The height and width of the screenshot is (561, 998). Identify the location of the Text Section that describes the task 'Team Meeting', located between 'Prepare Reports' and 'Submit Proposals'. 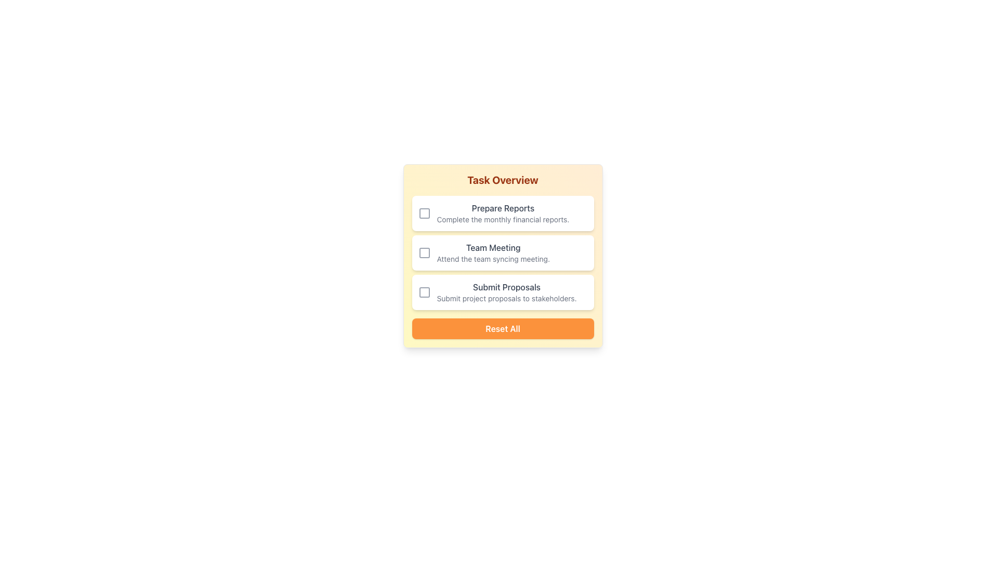
(493, 252).